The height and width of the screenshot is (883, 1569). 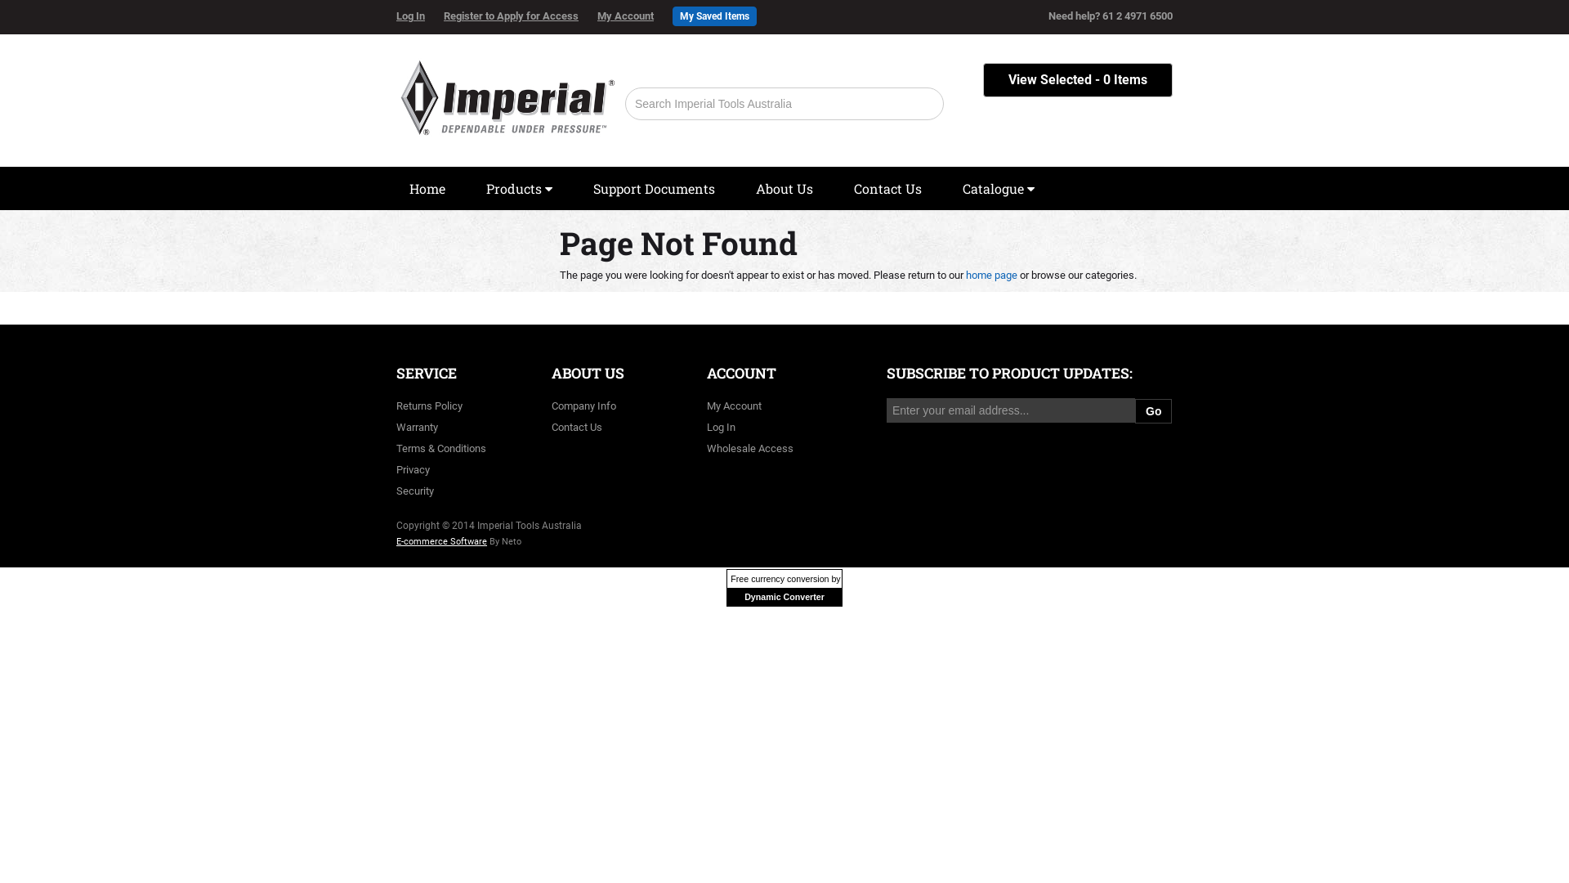 What do you see at coordinates (415, 490) in the screenshot?
I see `'Security'` at bounding box center [415, 490].